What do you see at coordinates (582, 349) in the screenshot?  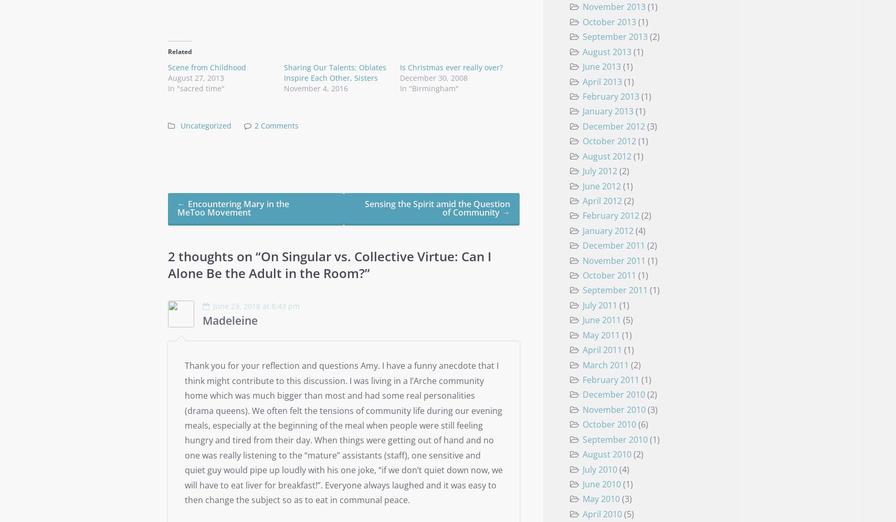 I see `'April 2011'` at bounding box center [582, 349].